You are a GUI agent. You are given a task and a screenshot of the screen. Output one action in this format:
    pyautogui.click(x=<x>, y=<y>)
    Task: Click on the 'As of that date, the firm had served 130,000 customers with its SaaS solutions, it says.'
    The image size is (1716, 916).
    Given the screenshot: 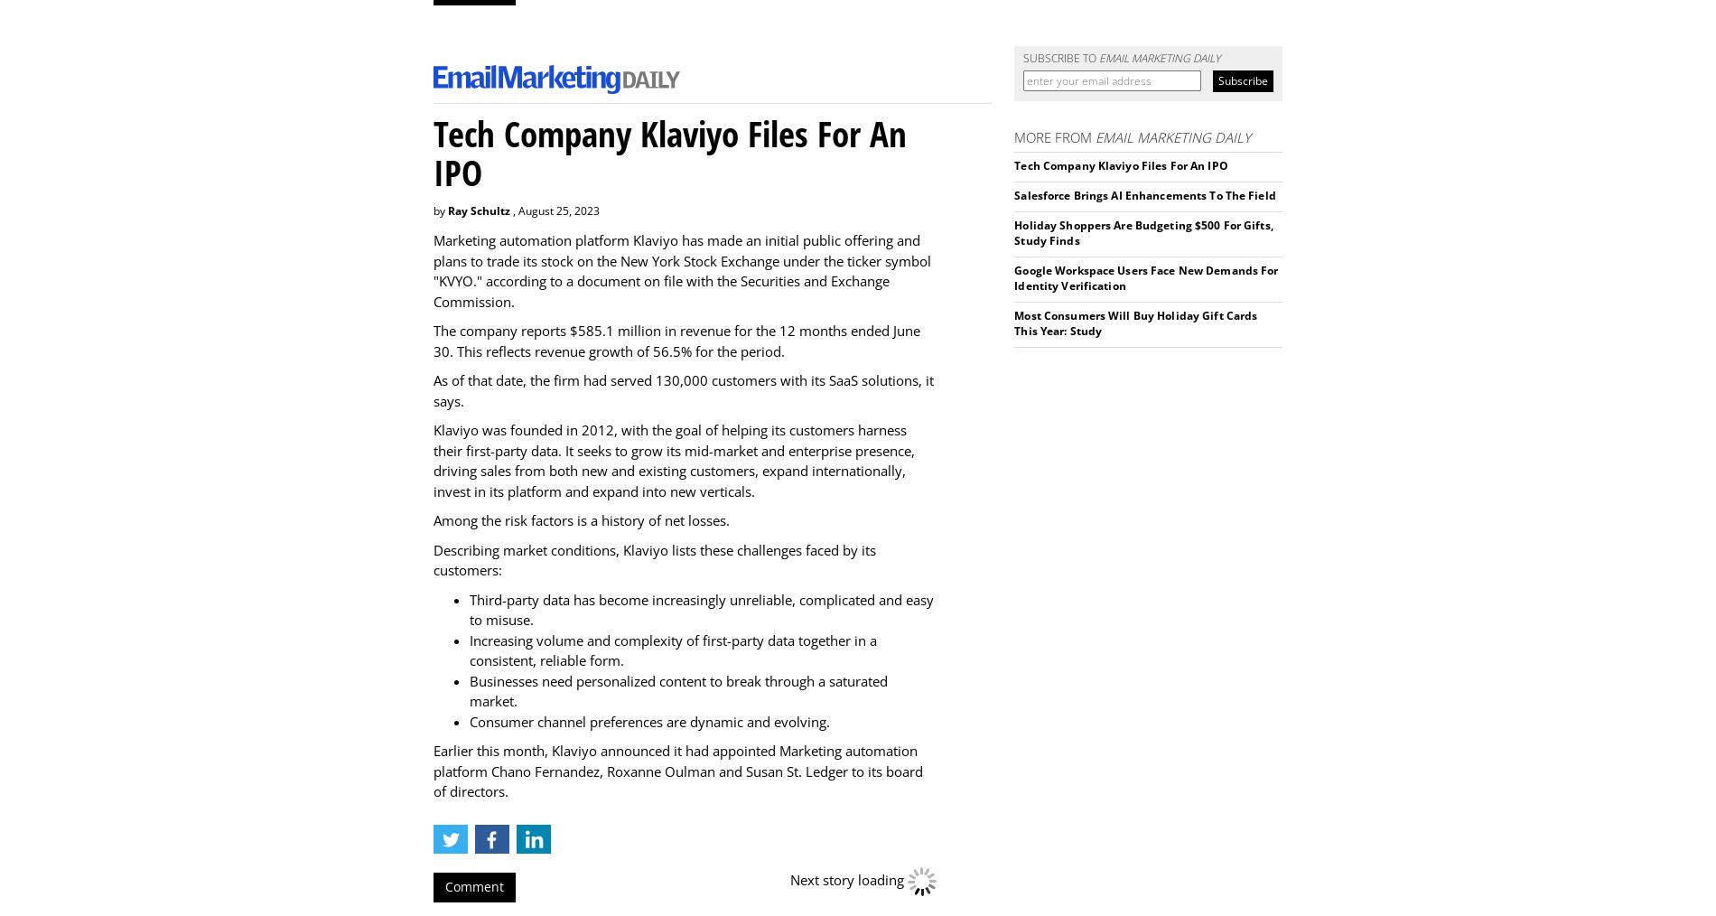 What is the action you would take?
    pyautogui.click(x=682, y=389)
    